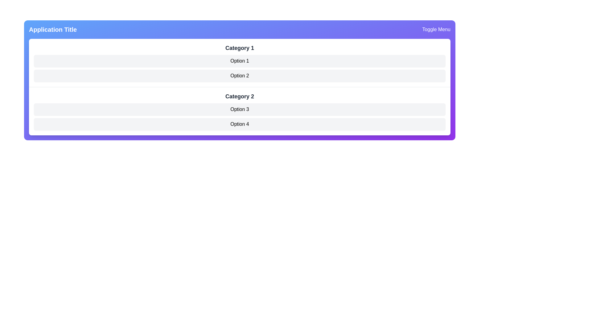 Image resolution: width=592 pixels, height=333 pixels. Describe the element at coordinates (239, 124) in the screenshot. I see `the button labeled 'Option 4' with rounded corners located in the 'Category 2' section` at that location.